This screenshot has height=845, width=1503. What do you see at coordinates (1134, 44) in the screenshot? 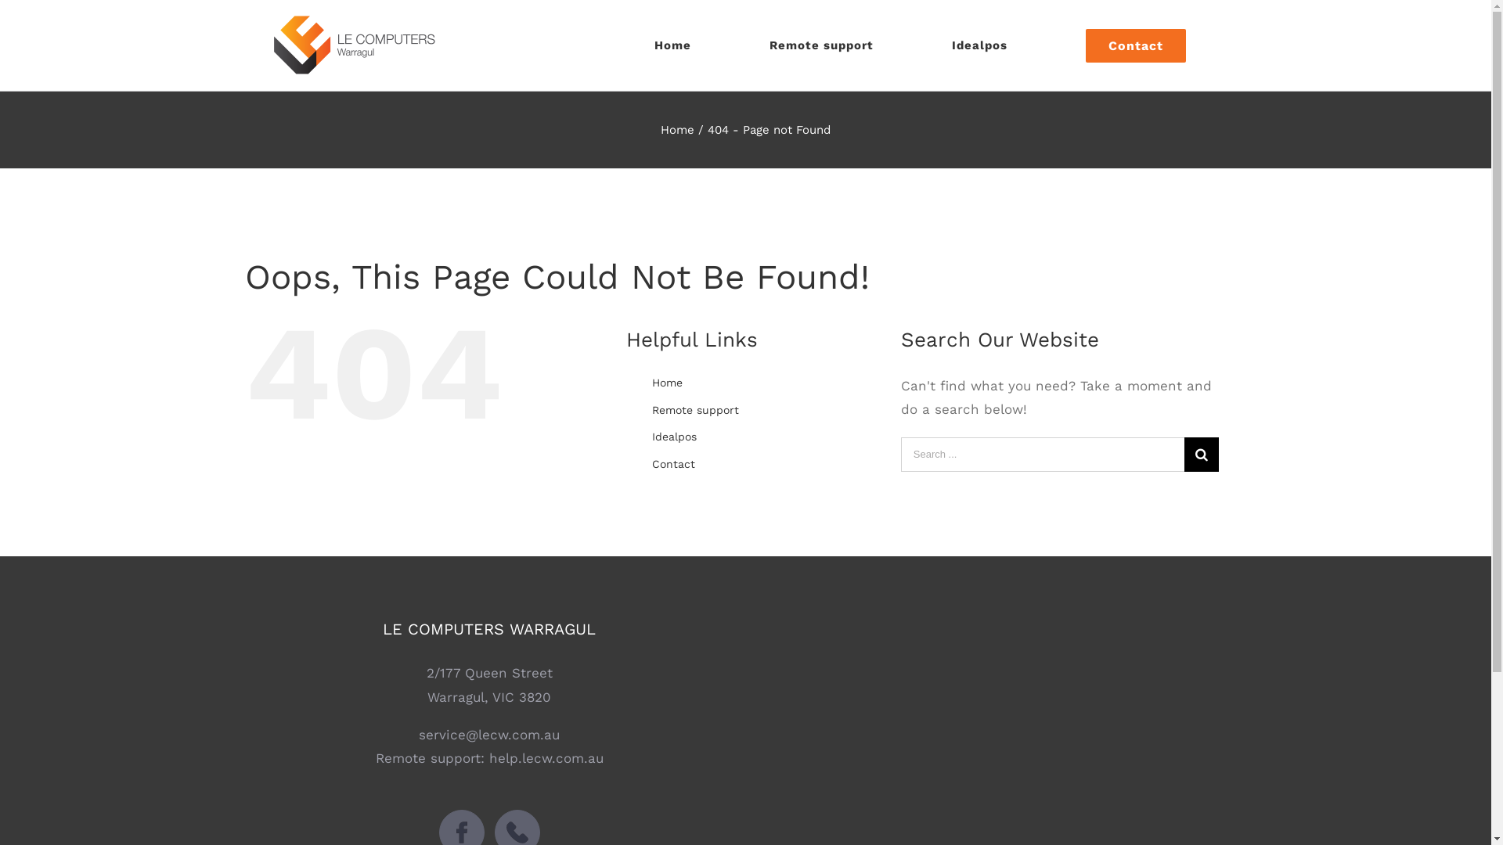
I see `'Contact'` at bounding box center [1134, 44].